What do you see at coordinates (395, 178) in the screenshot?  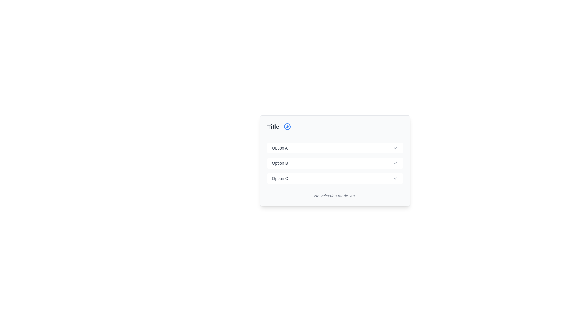 I see `the Dropdown indicator icon located to the far right of the 'Option C' row` at bounding box center [395, 178].